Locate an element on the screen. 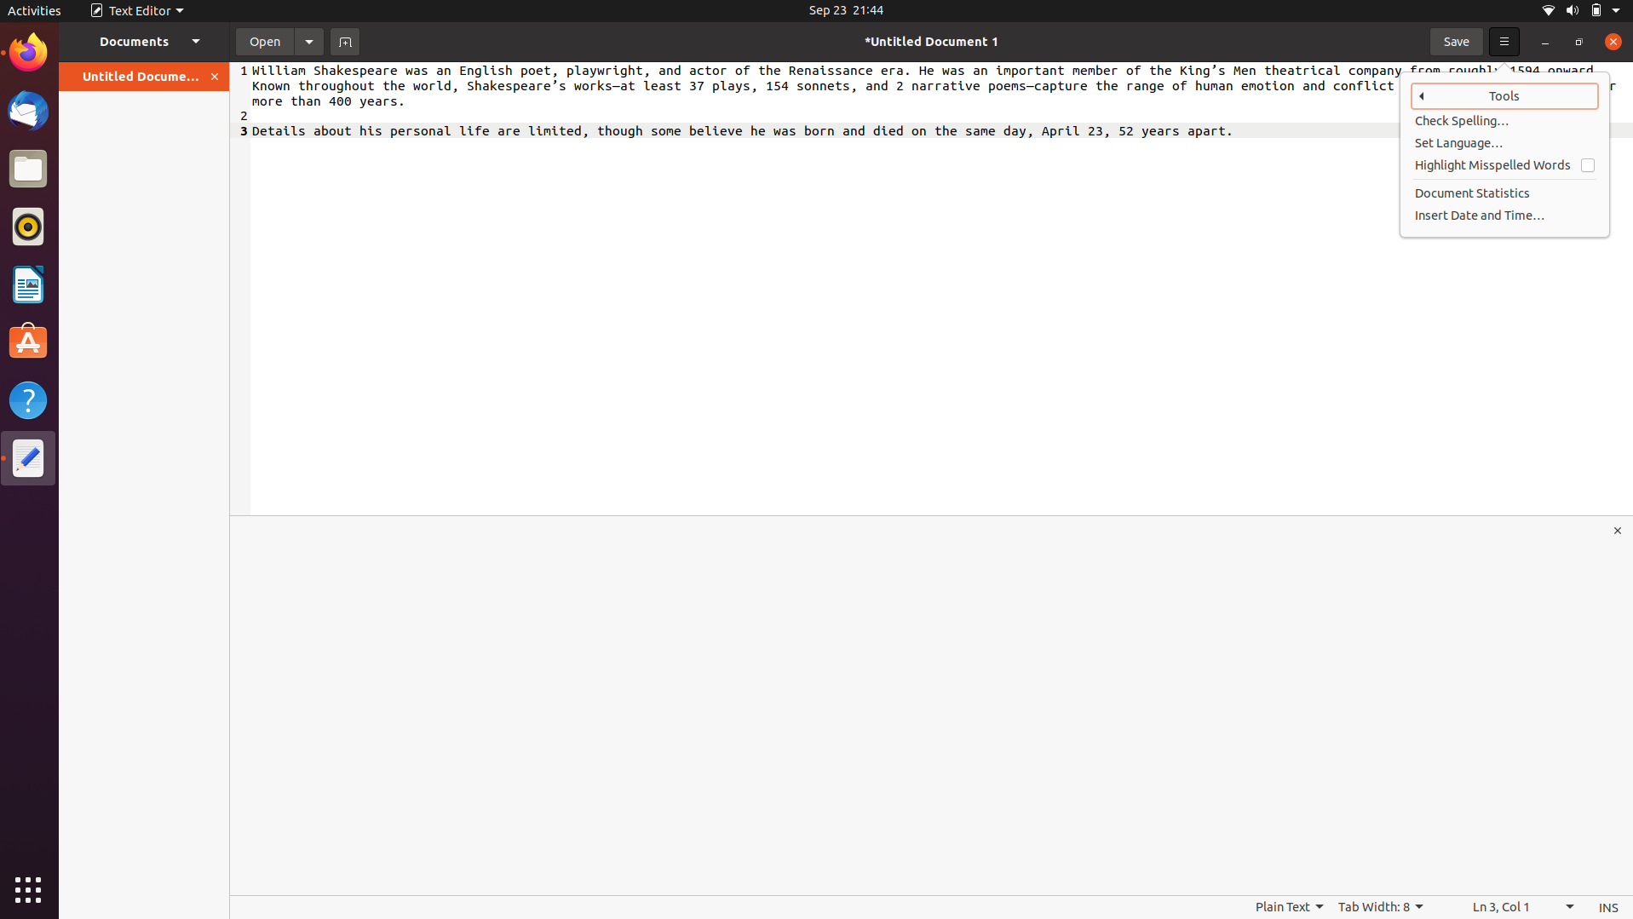 The image size is (1633, 919). the document titled textfile.txt is located at coordinates (262, 40).